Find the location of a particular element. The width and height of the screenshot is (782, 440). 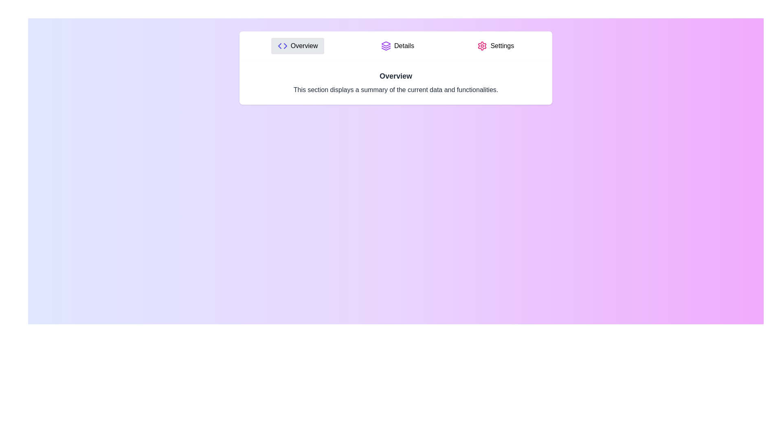

the 'Details' section of the Navigation menu, which has a white background and contains three sections: 'Overview', 'Details', and 'Settings' is located at coordinates (395, 46).